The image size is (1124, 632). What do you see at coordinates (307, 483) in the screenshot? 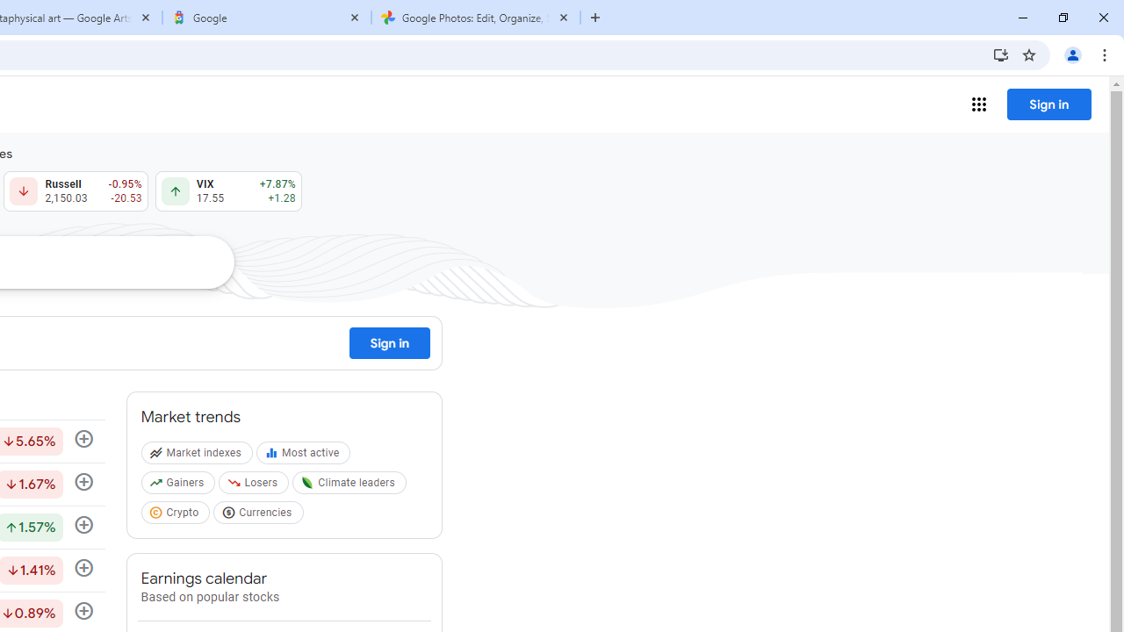
I see `'GLeaf logo'` at bounding box center [307, 483].